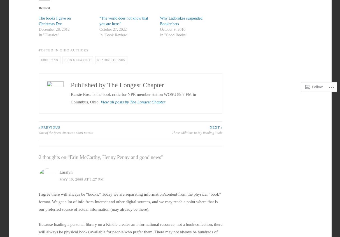 This screenshot has height=237, width=340. I want to click on 'Posted in', so click(49, 50).